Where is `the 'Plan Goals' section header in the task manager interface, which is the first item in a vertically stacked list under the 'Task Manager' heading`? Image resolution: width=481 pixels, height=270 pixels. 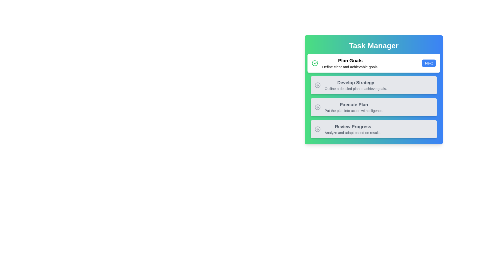 the 'Plan Goals' section header in the task manager interface, which is the first item in a vertically stacked list under the 'Task Manager' heading is located at coordinates (350, 63).